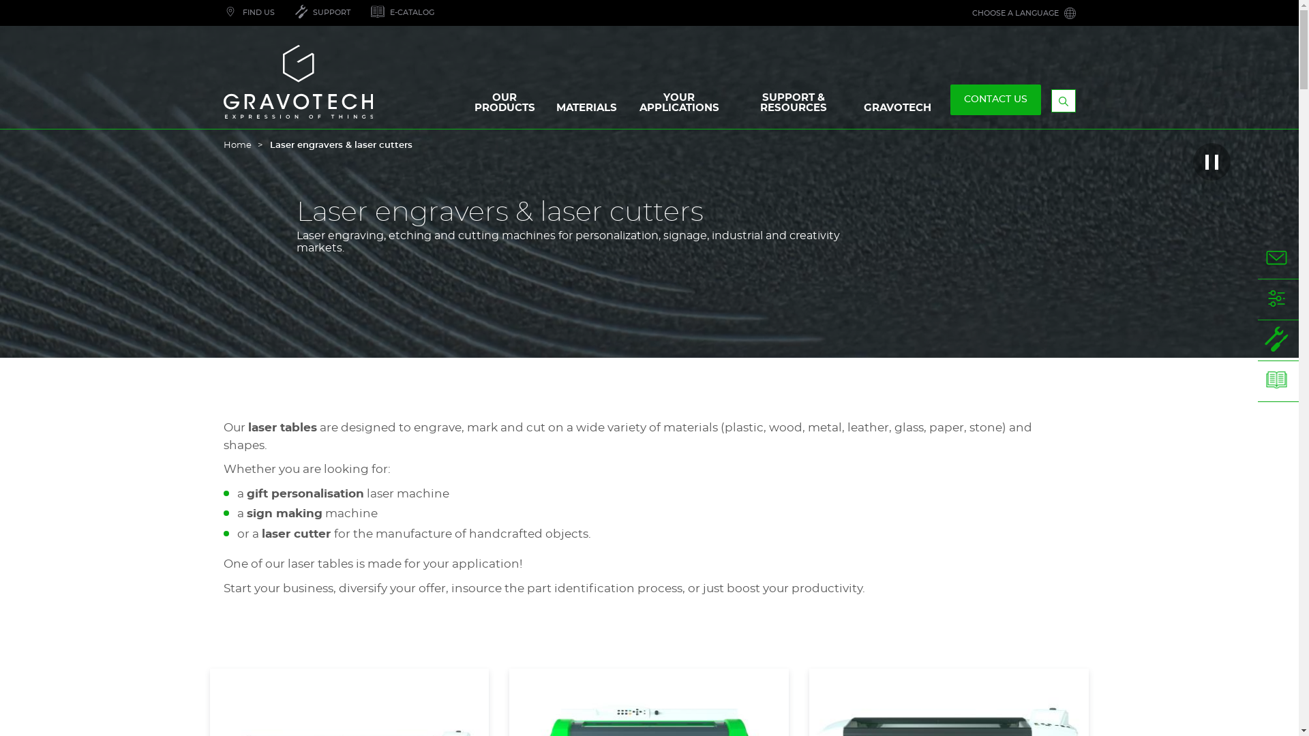 This screenshot has width=1309, height=736. What do you see at coordinates (794, 105) in the screenshot?
I see `'SUPPORT & RESOURCES'` at bounding box center [794, 105].